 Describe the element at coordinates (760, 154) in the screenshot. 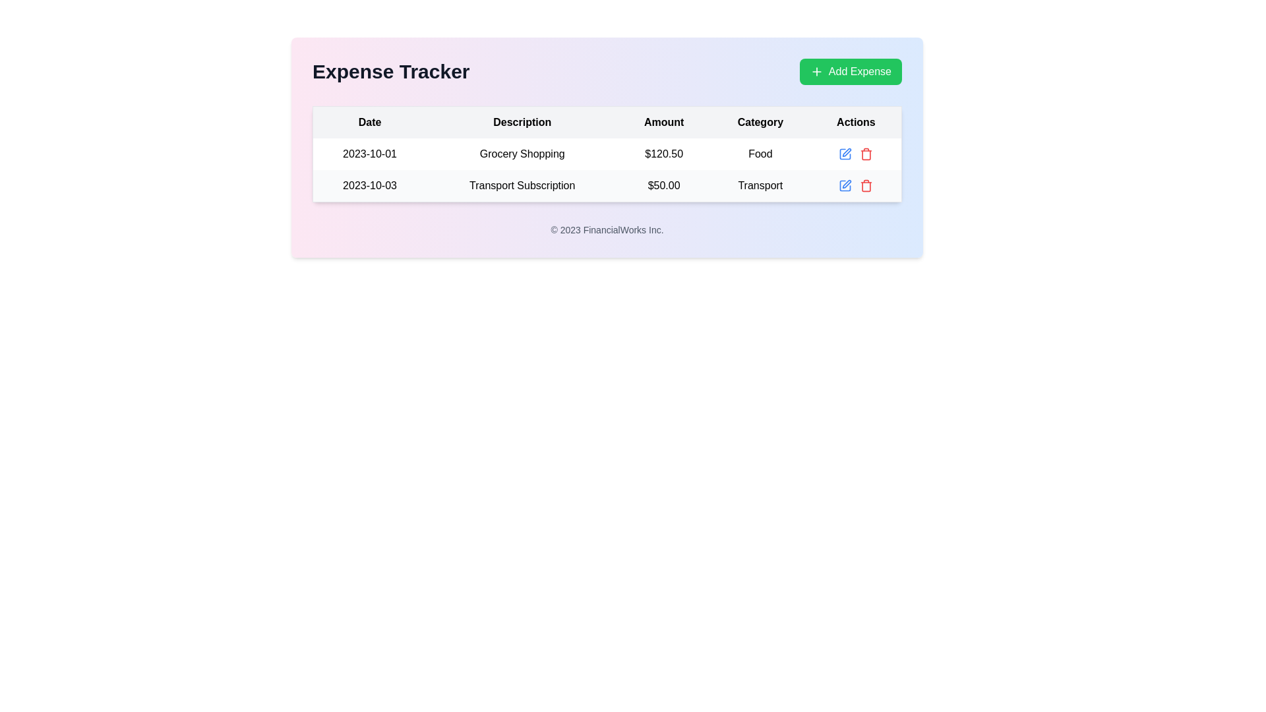

I see `the text label in the fourth column of the first row in the table that indicates the category associated with the expense entry` at that location.